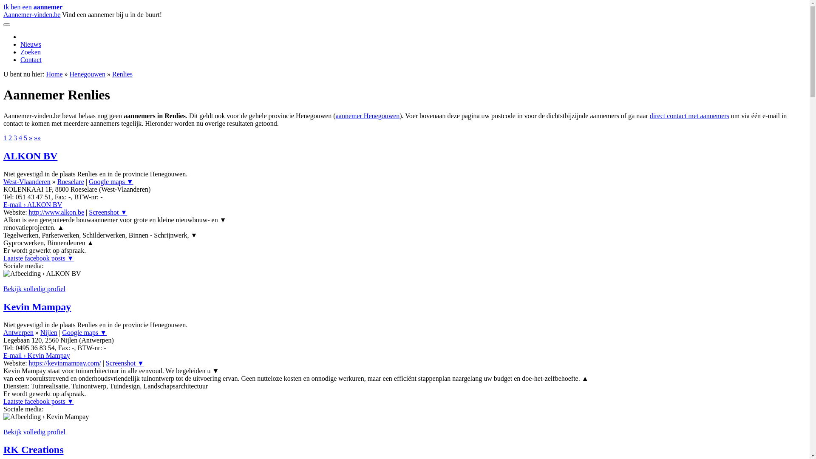 The width and height of the screenshot is (816, 459). I want to click on '1', so click(5, 137).